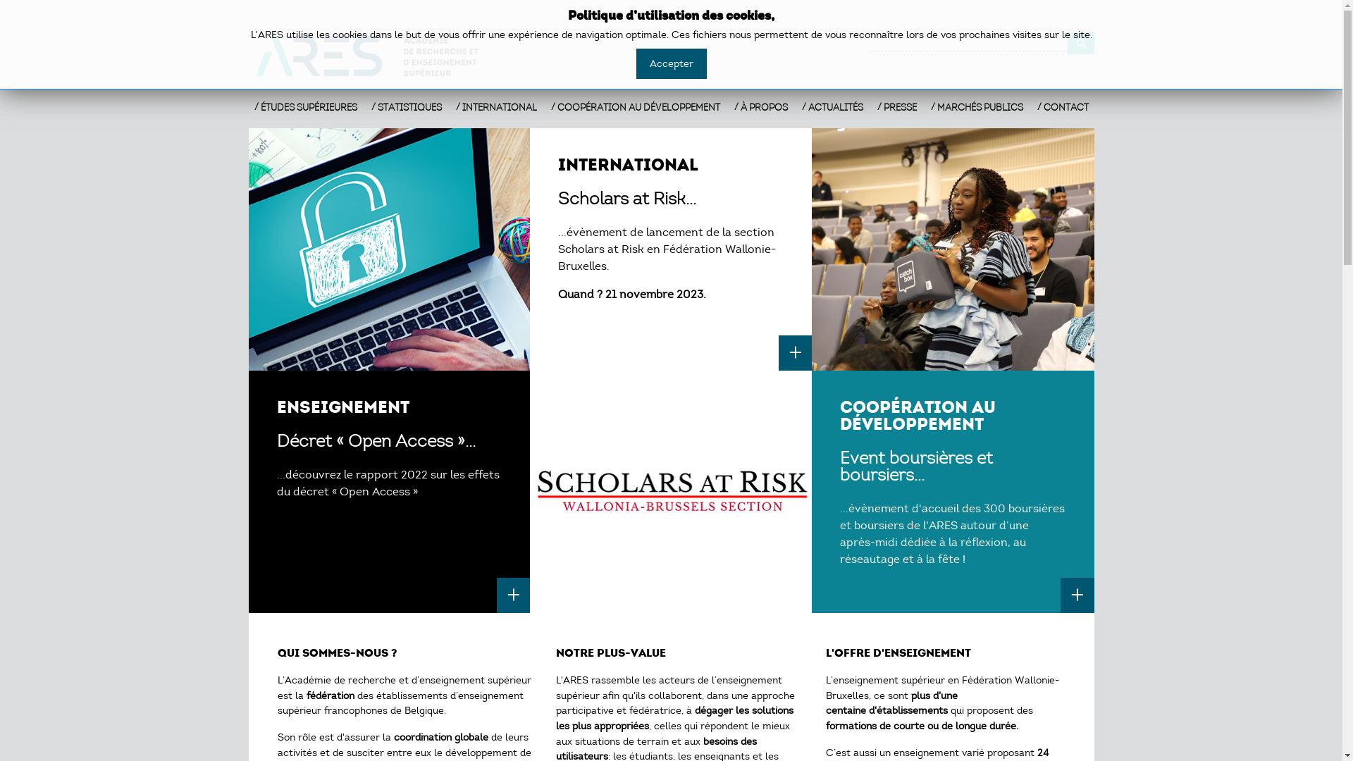 This screenshot has height=761, width=1353. Describe the element at coordinates (795, 352) in the screenshot. I see `'+'` at that location.